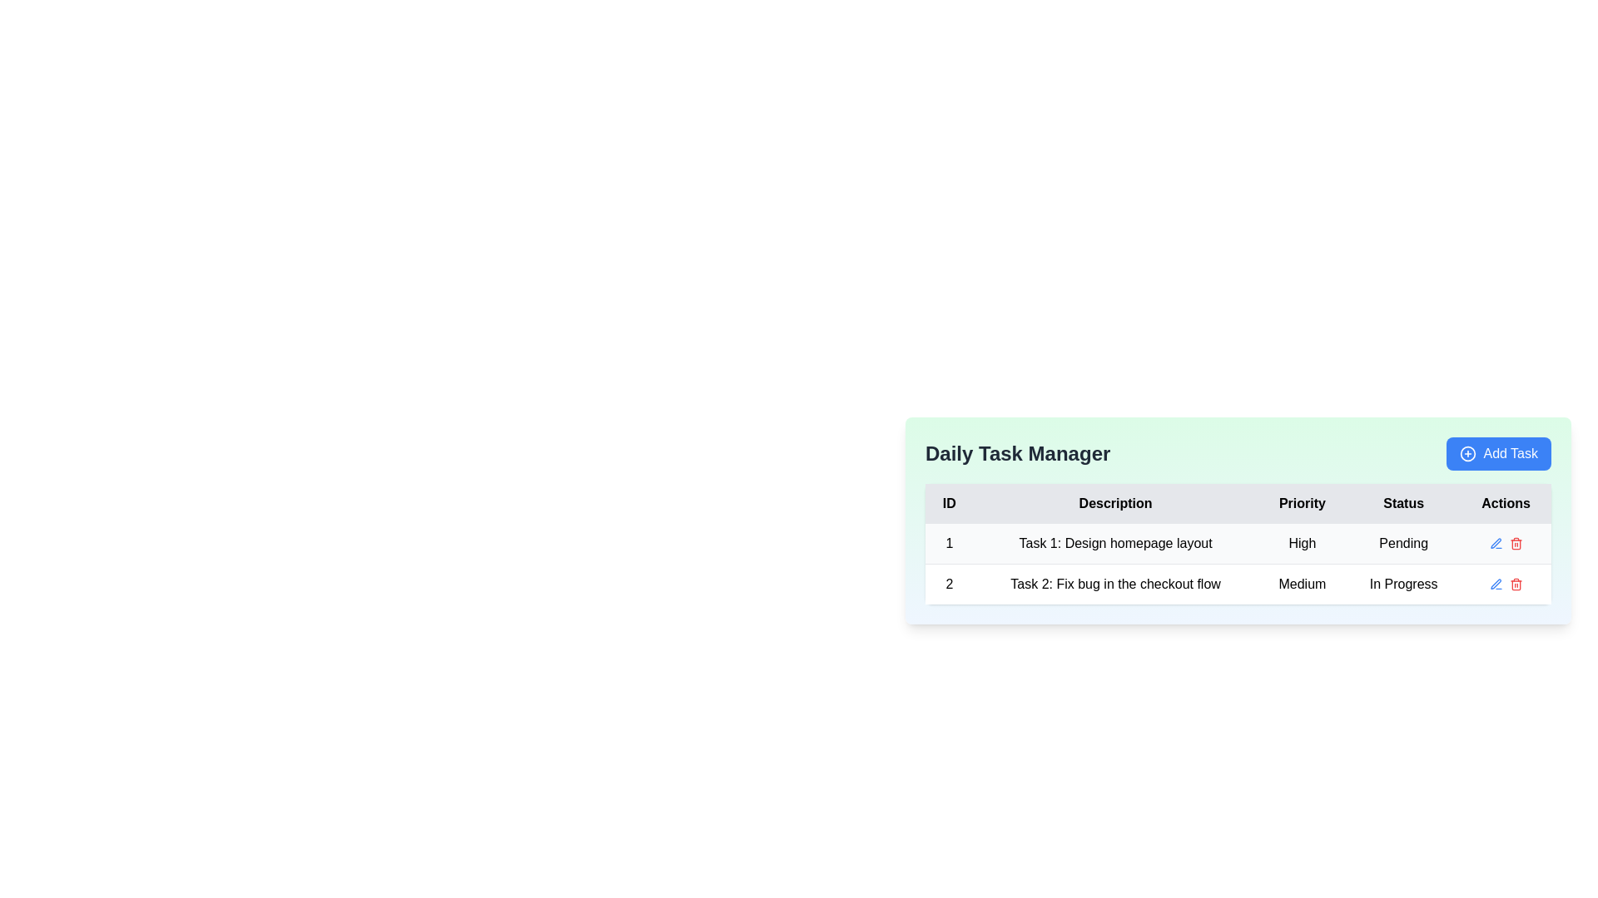  Describe the element at coordinates (1506, 583) in the screenshot. I see `the group of icons (Edit in blue and Delete in red) at the rightmost end of the row labeled 'Task 2: Fix bug in the checkout flow'` at that location.